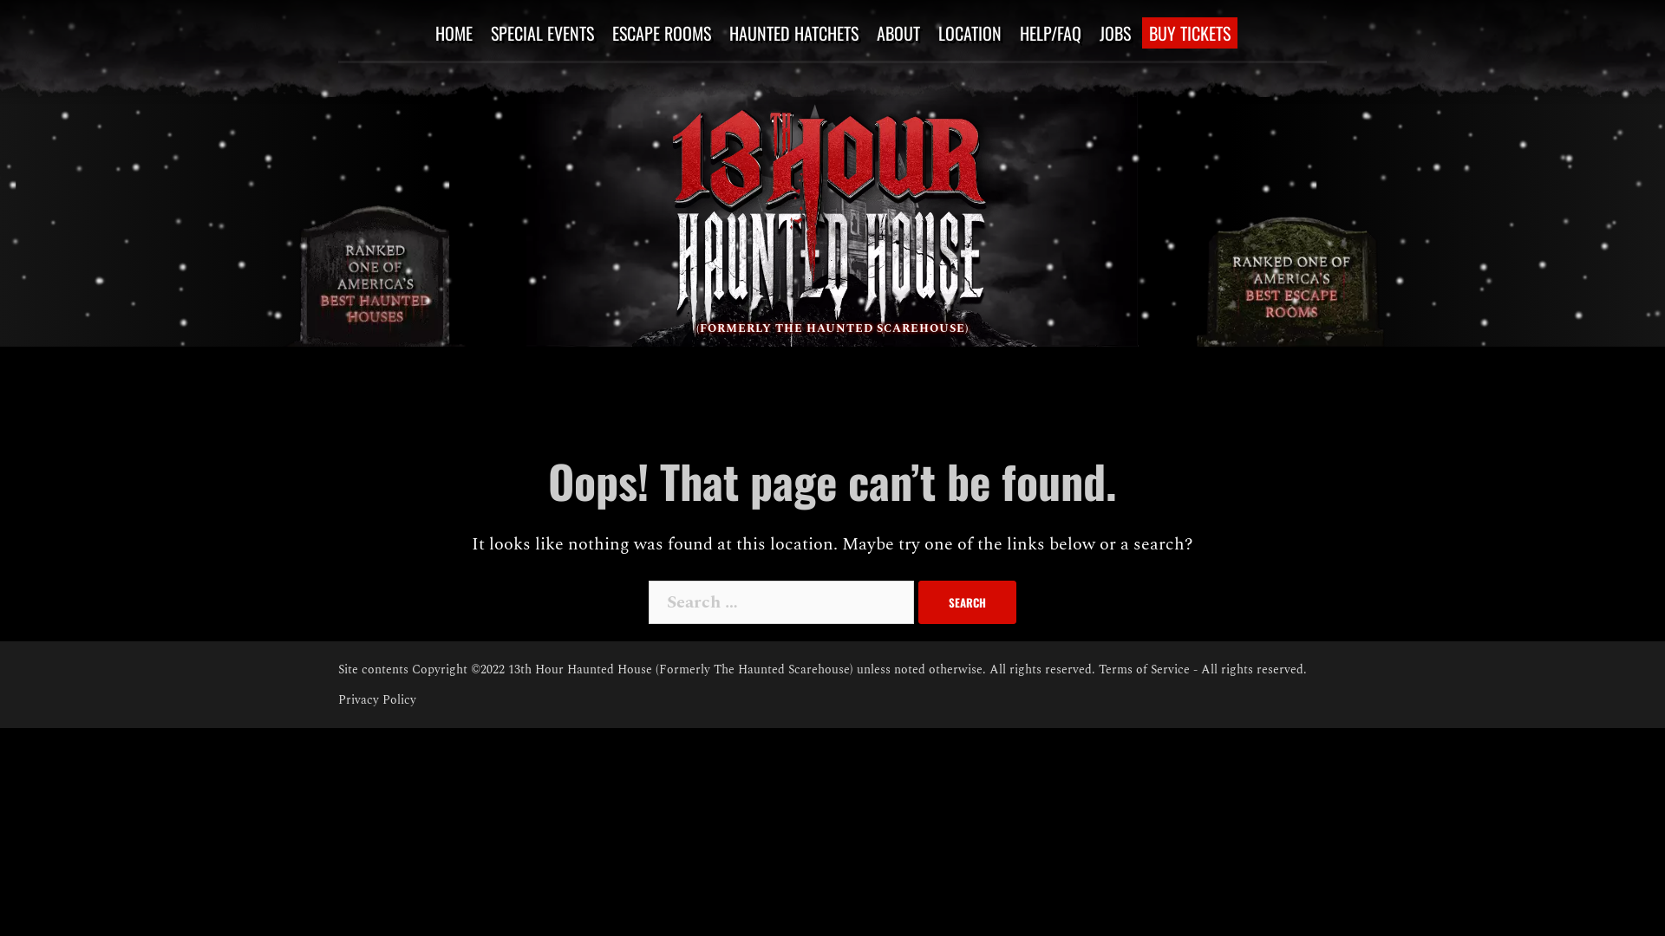 Image resolution: width=1665 pixels, height=936 pixels. What do you see at coordinates (966, 601) in the screenshot?
I see `'Search'` at bounding box center [966, 601].